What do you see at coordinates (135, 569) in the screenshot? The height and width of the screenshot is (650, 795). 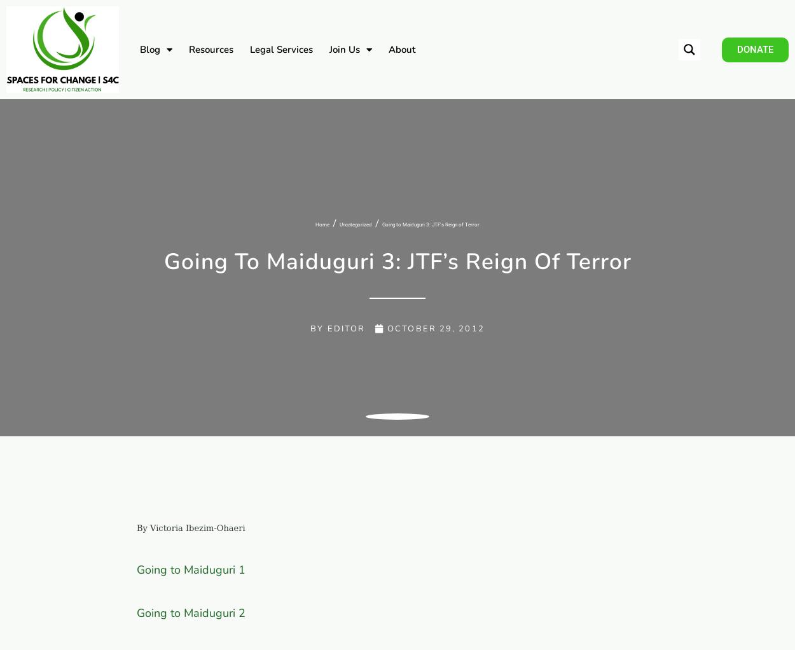 I see `'Going to Maiduguri 1'` at bounding box center [135, 569].